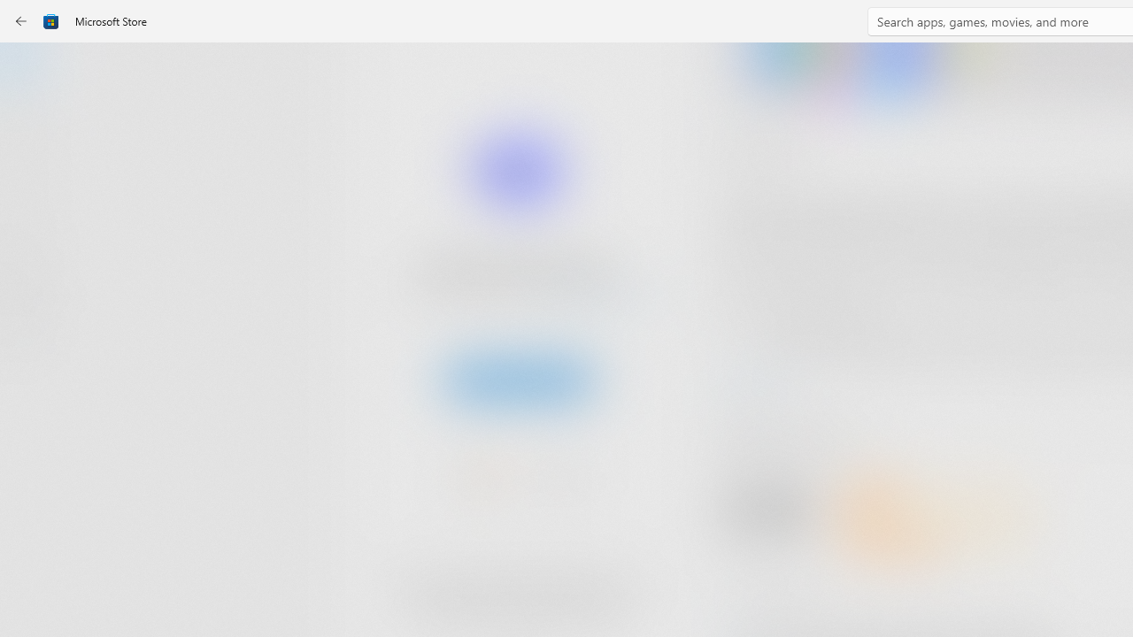 The width and height of the screenshot is (1133, 637). I want to click on 'Class: Image', so click(51, 21).